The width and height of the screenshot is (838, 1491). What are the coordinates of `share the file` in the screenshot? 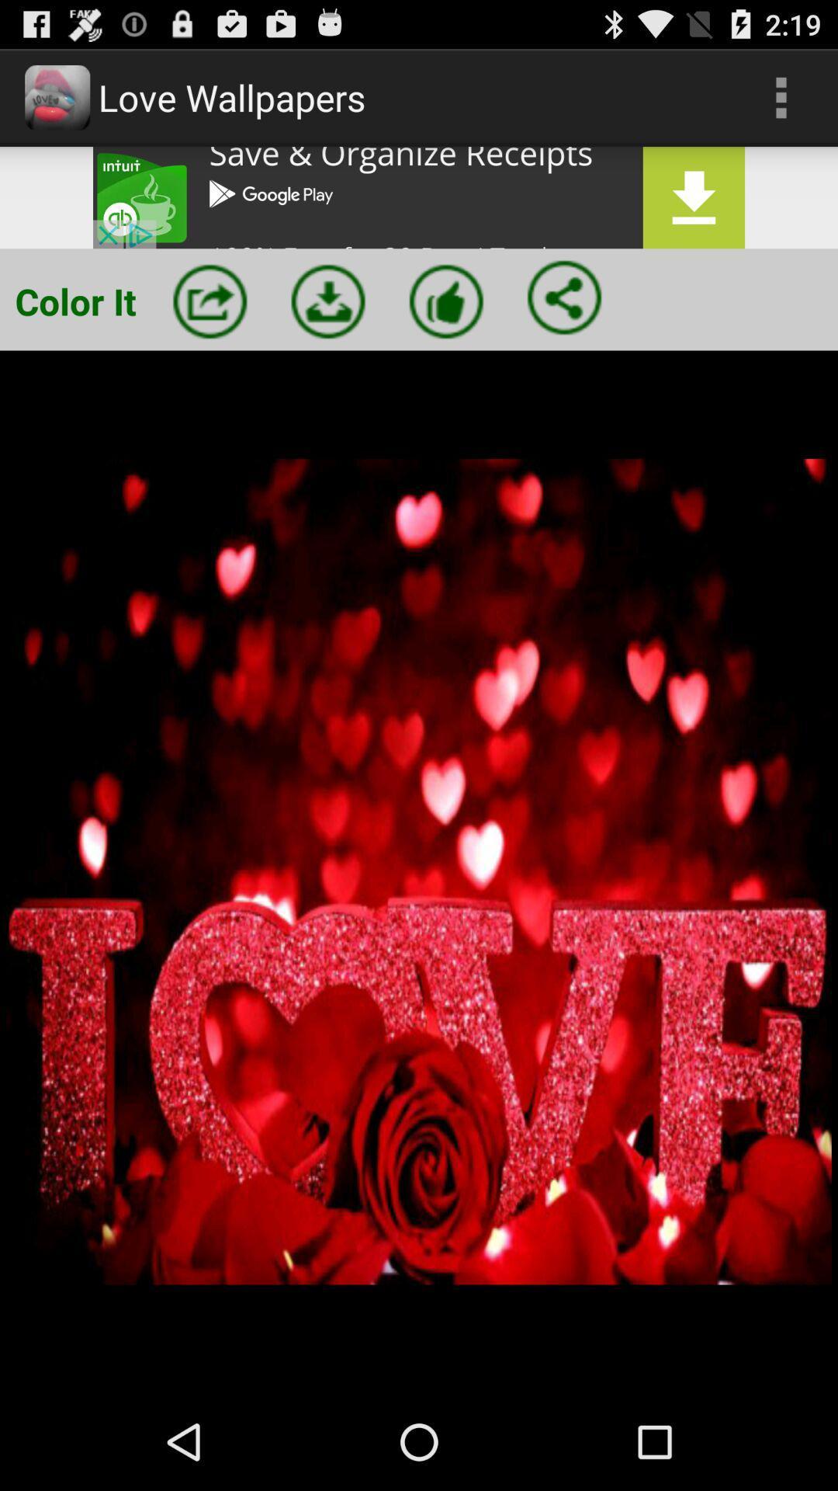 It's located at (564, 297).